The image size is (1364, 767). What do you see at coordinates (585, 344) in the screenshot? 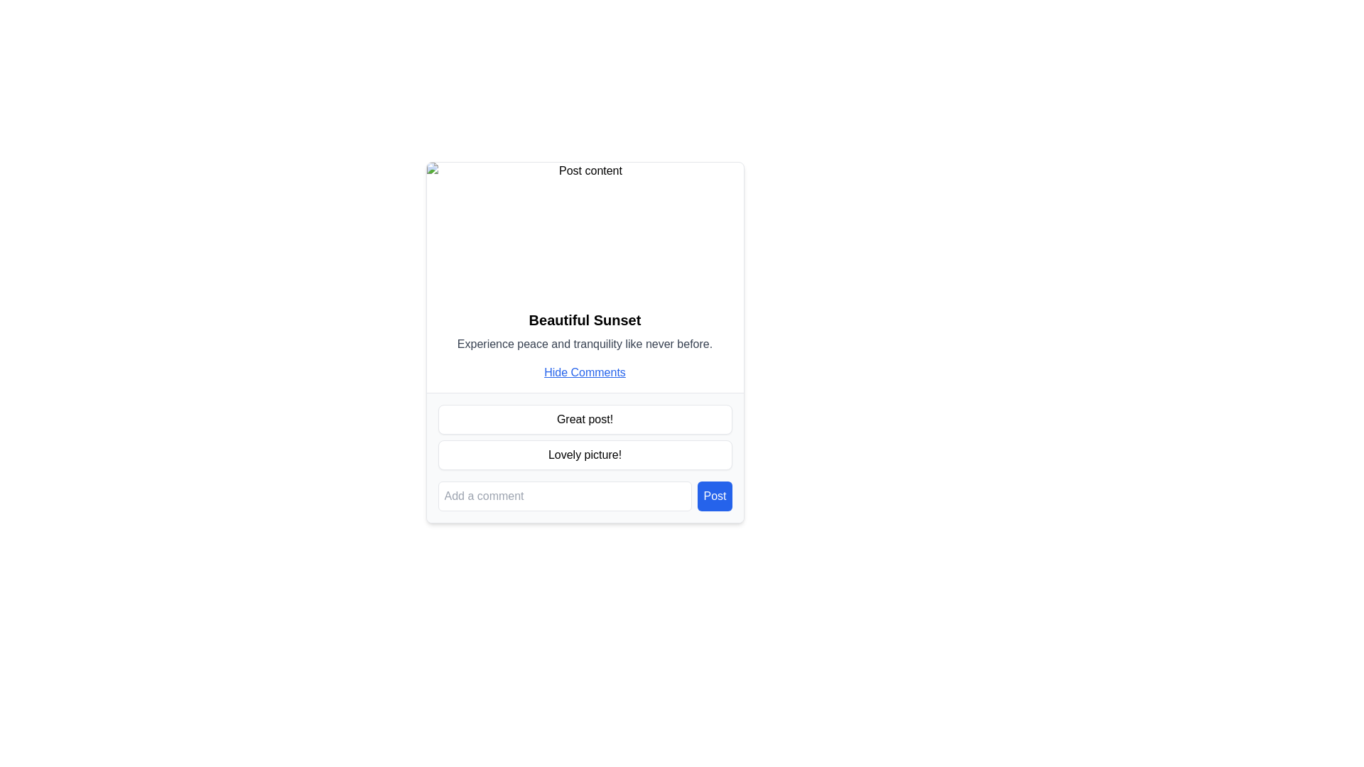
I see `descriptive text element located below the heading 'Beautiful Sunset' and above the hyperlink 'Hide Comments' to understand its meaning` at bounding box center [585, 344].